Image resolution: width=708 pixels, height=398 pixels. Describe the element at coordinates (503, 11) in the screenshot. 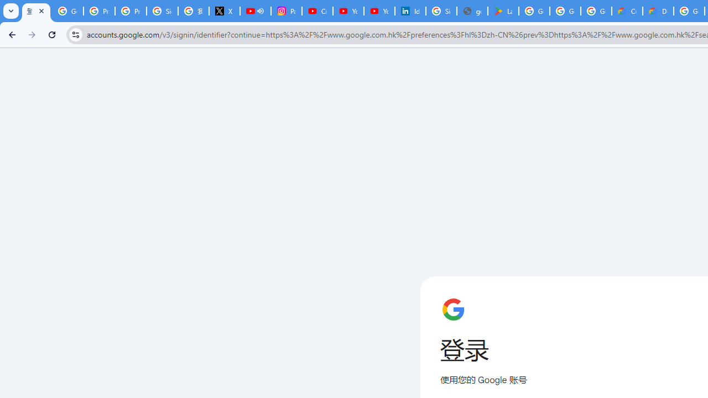

I see `'Last Shelter: Survival - Apps on Google Play'` at that location.